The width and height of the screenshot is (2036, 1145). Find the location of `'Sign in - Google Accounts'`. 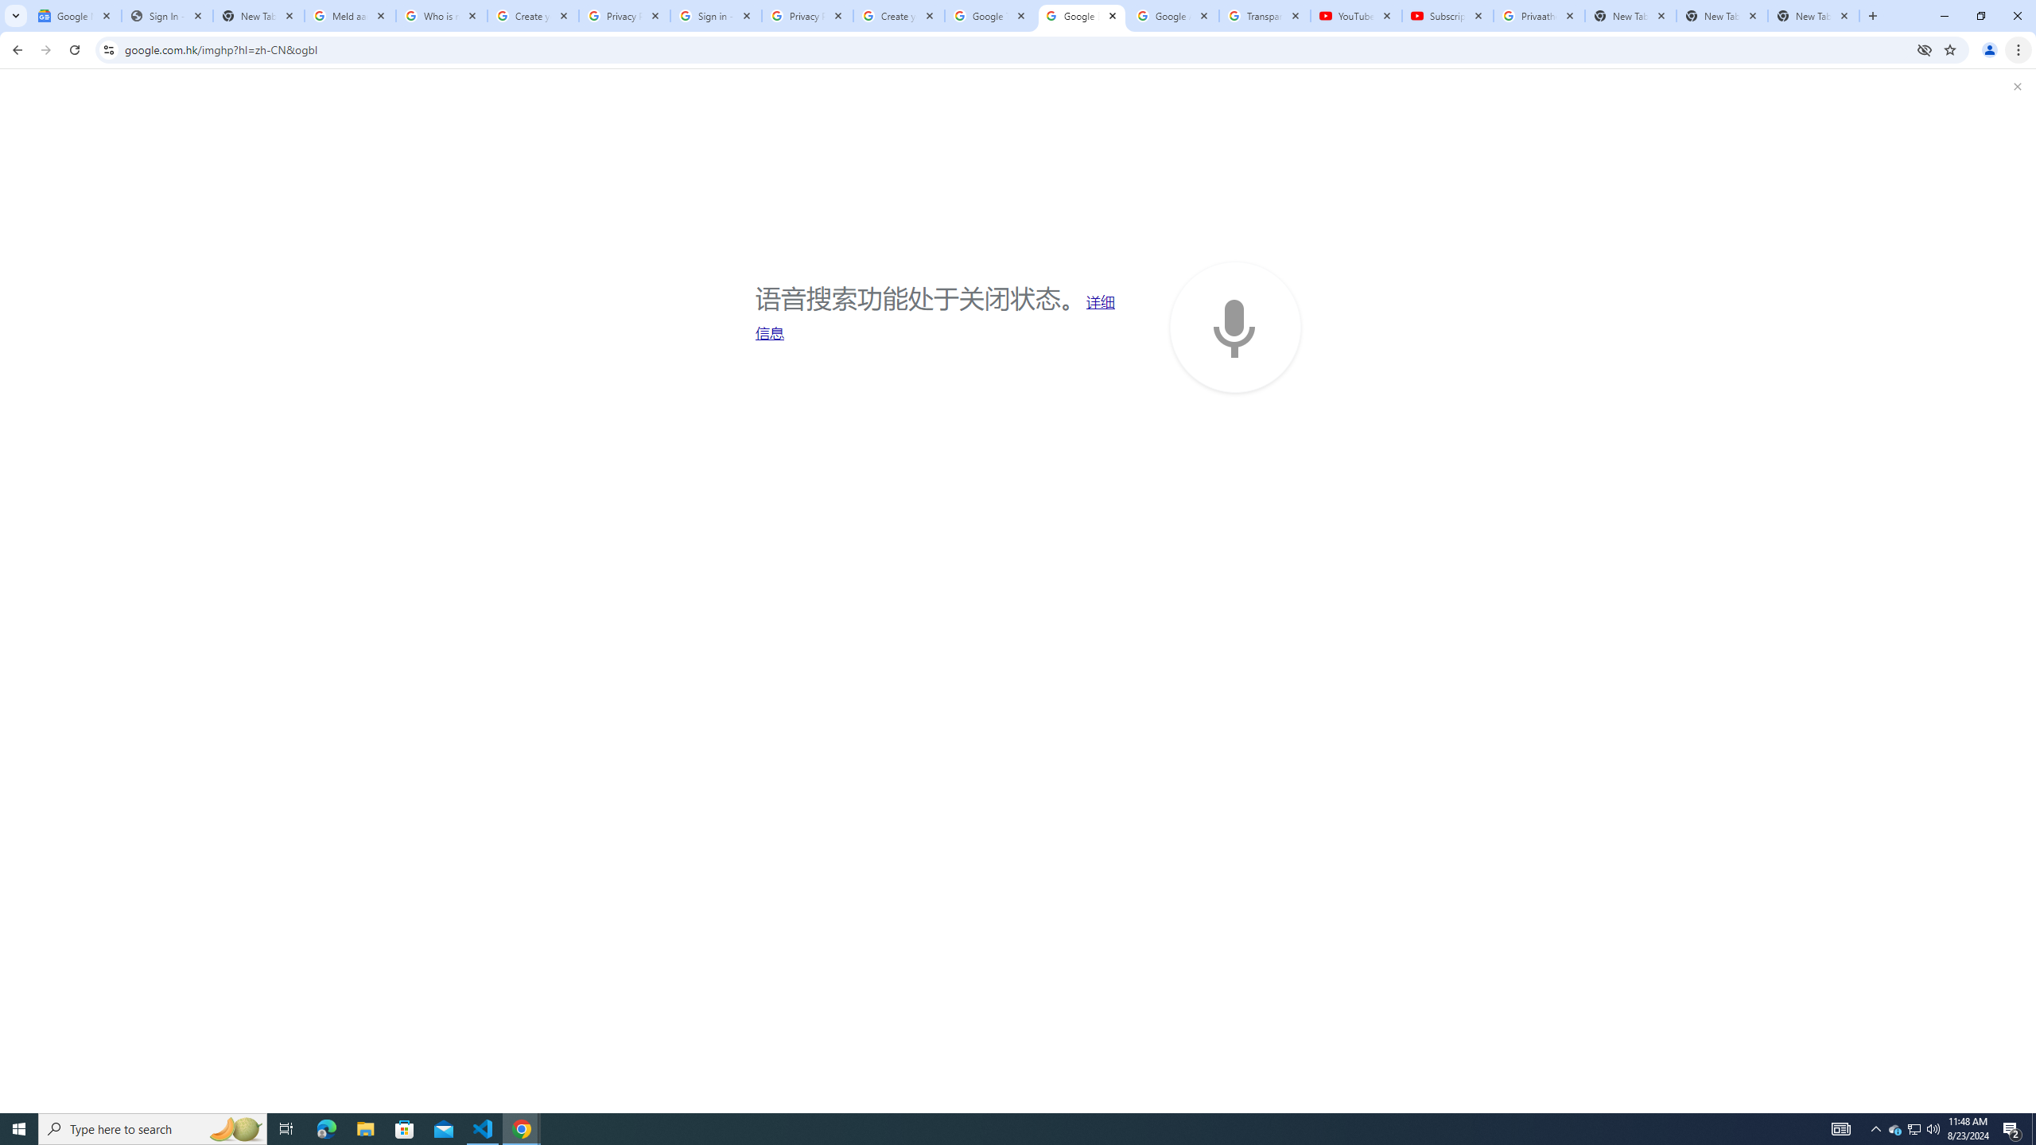

'Sign in - Google Accounts' is located at coordinates (716, 15).